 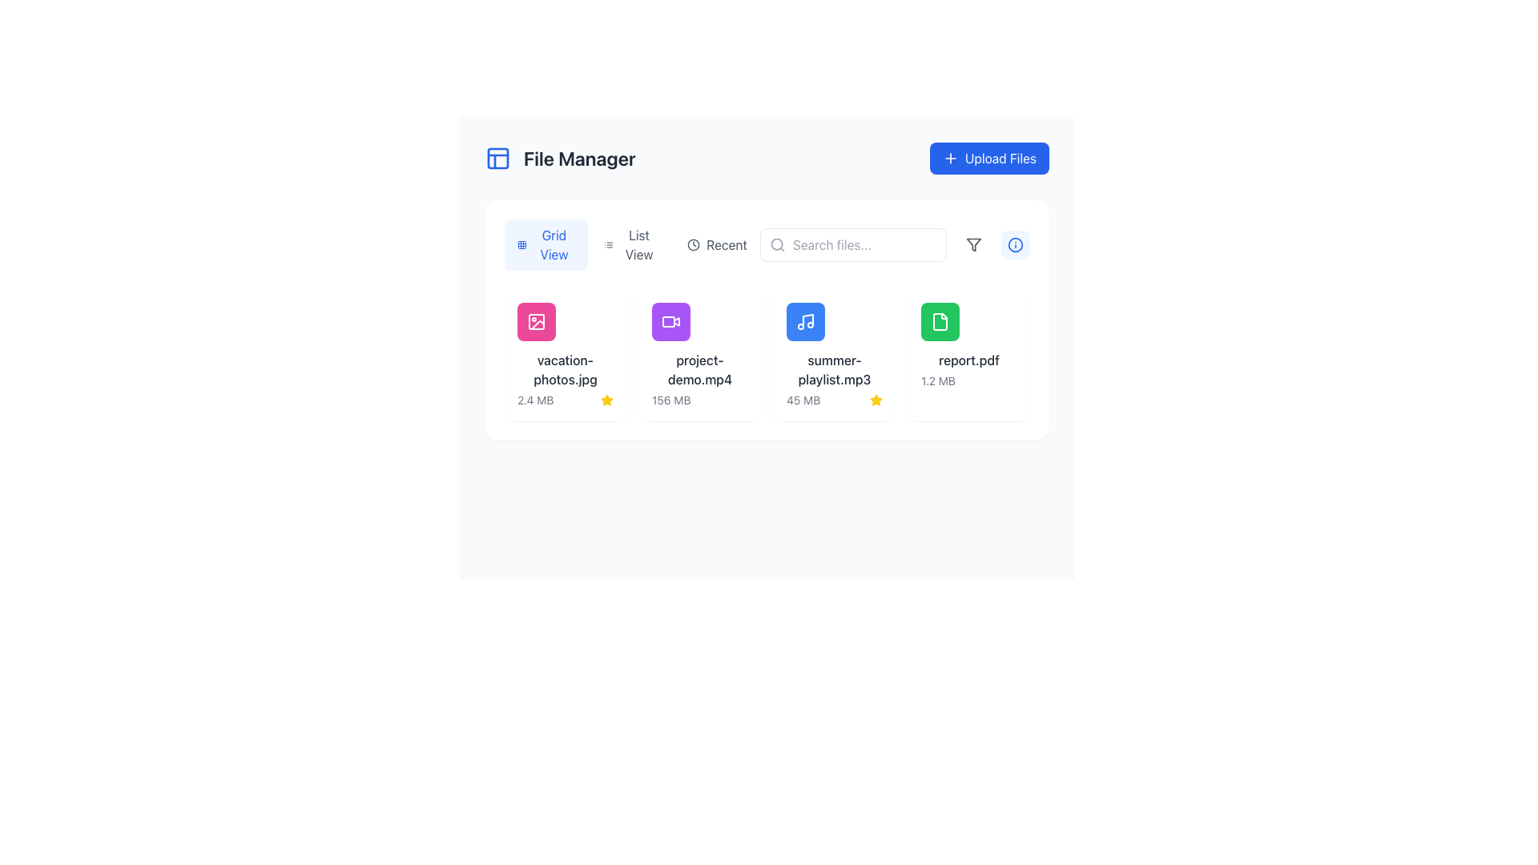 I want to click on the interactive sharing button located at the bottom-right of the file card labeled 'report.pdf', so click(x=968, y=397).